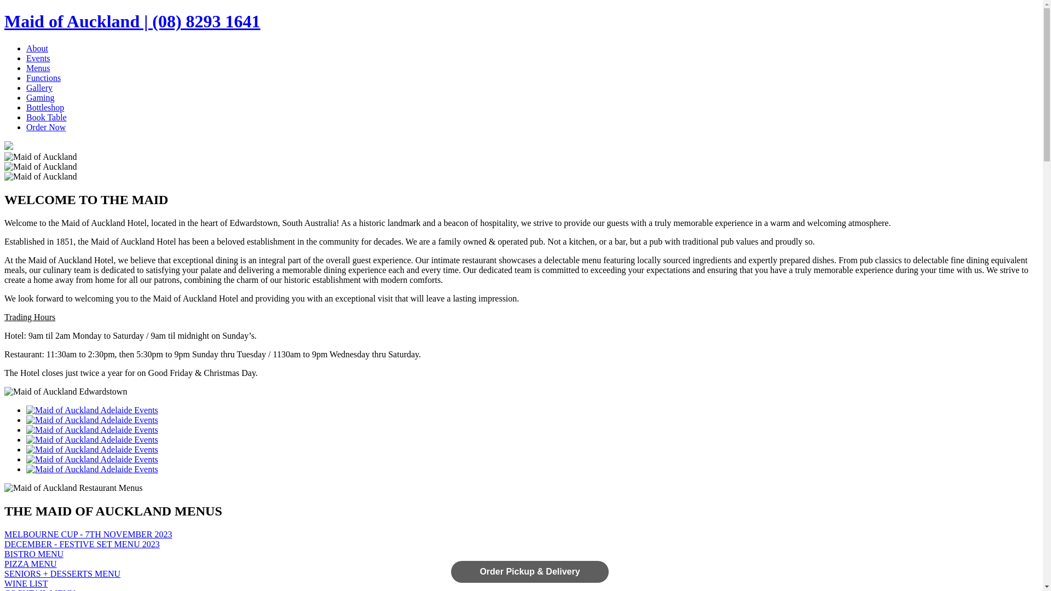  What do you see at coordinates (37, 48) in the screenshot?
I see `'About'` at bounding box center [37, 48].